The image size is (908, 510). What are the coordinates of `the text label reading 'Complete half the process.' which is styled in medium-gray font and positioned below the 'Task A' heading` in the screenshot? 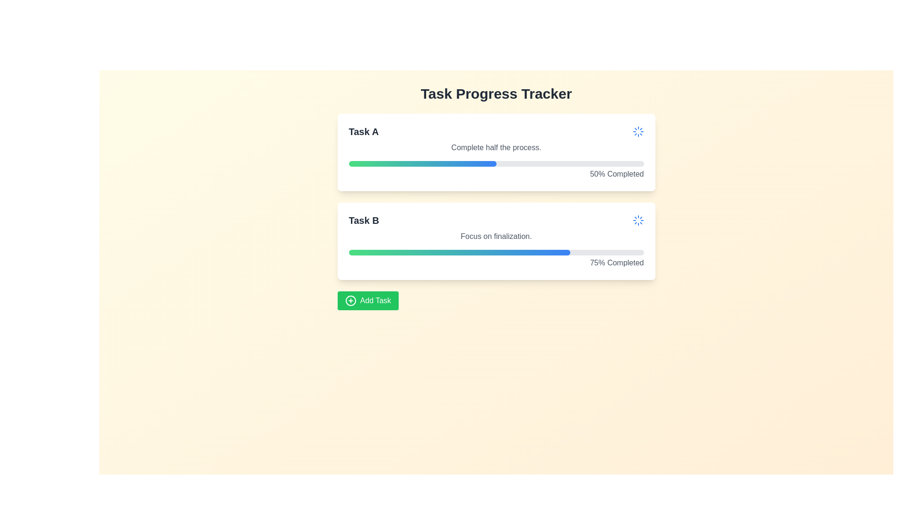 It's located at (496, 147).